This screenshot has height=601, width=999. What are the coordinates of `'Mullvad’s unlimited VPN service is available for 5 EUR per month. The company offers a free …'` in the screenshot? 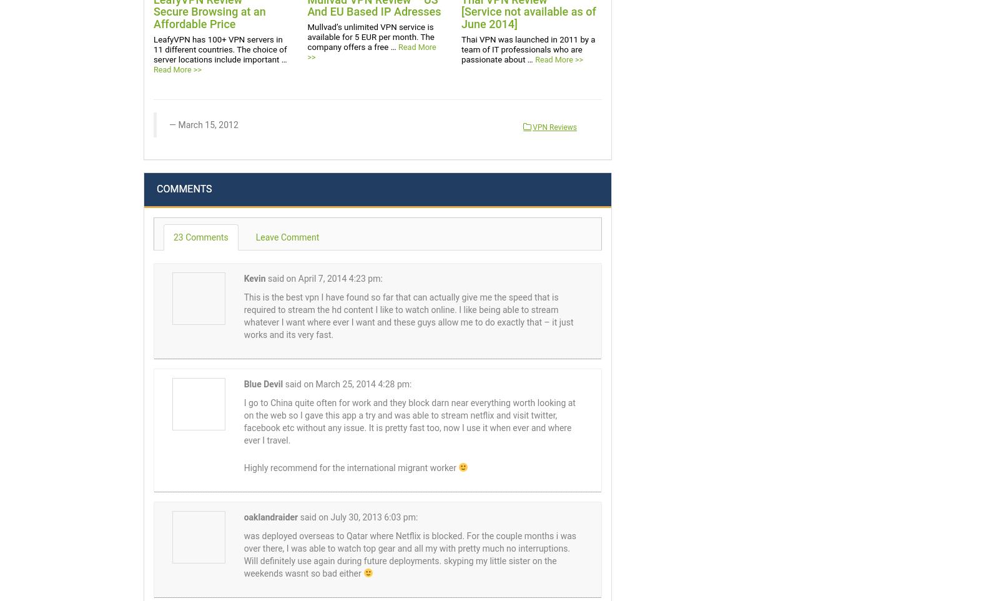 It's located at (370, 37).